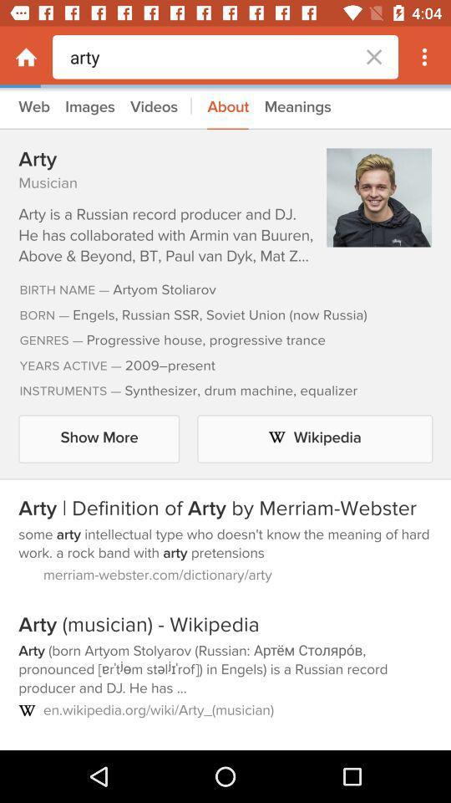  I want to click on files, so click(225, 418).